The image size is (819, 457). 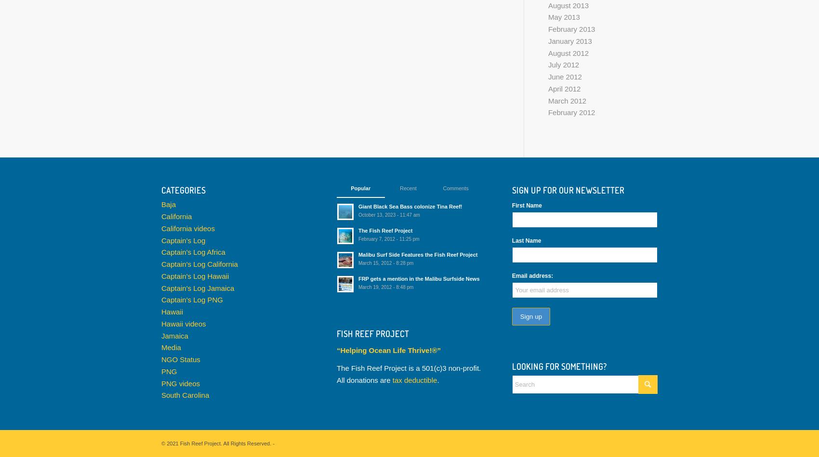 I want to click on 'First Name', so click(x=526, y=205).